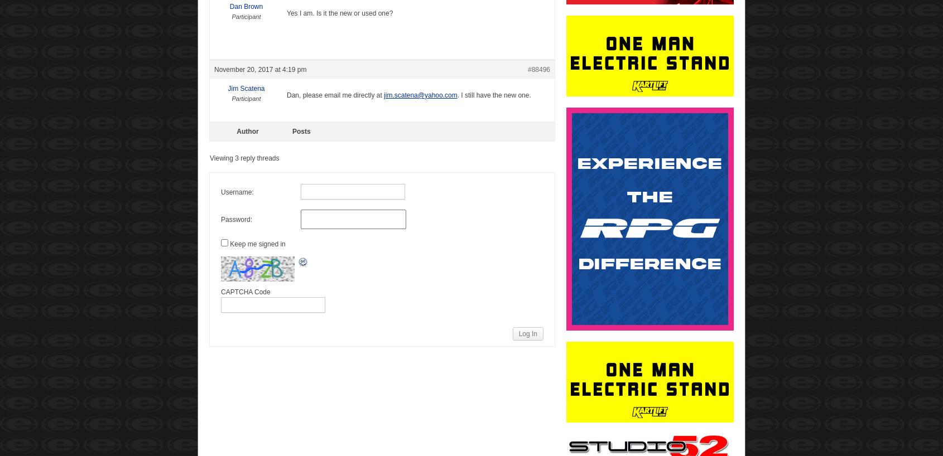 Image resolution: width=943 pixels, height=456 pixels. I want to click on 'Dan Brown', so click(246, 5).